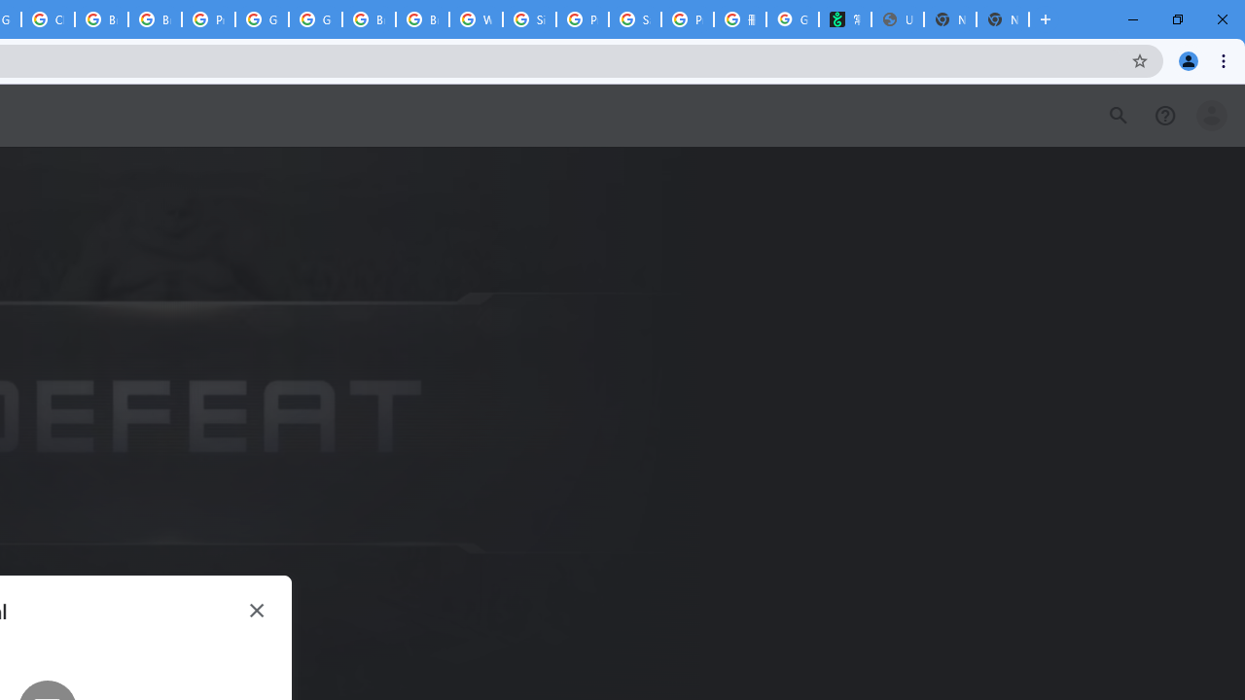 The width and height of the screenshot is (1245, 700). I want to click on 'Browse Chrome as a guest - Computer - Google Chrome Help', so click(369, 19).